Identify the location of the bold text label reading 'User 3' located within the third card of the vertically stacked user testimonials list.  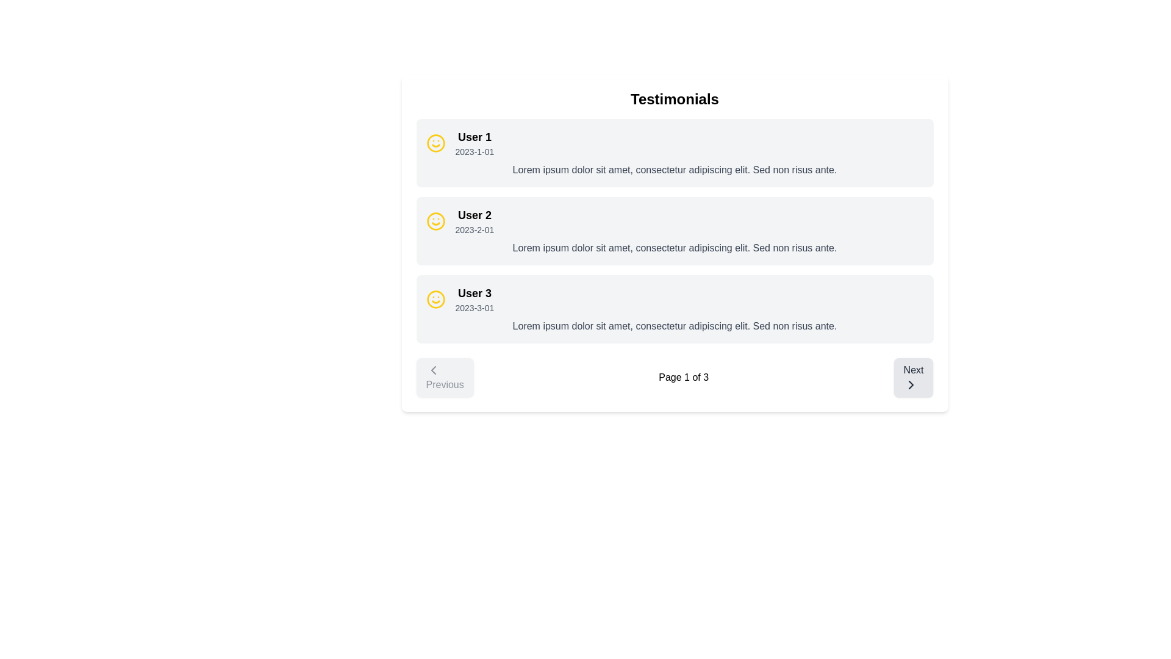
(474, 293).